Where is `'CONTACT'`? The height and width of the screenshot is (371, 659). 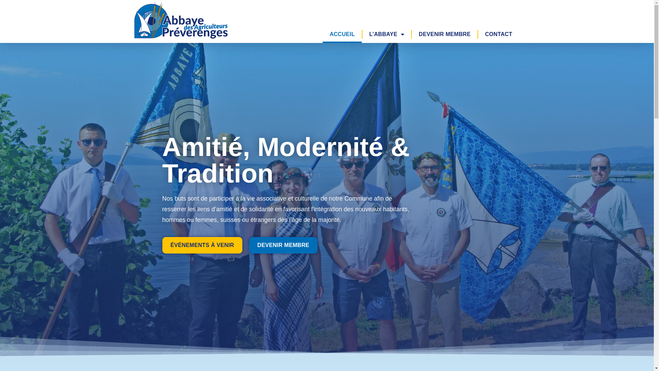
'CONTACT' is located at coordinates (498, 34).